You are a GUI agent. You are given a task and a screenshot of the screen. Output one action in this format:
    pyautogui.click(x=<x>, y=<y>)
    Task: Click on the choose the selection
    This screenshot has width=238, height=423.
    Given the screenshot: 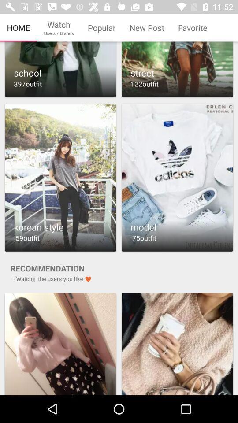 What is the action you would take?
    pyautogui.click(x=60, y=69)
    